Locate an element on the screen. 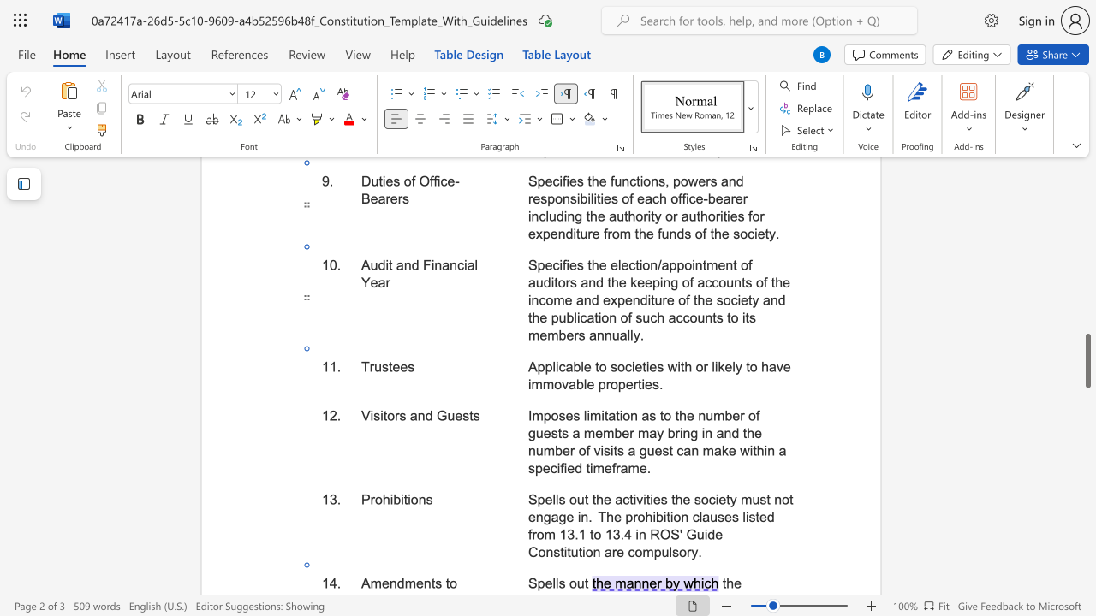 Image resolution: width=1096 pixels, height=616 pixels. the 3th character "p" in the text is located at coordinates (602, 383).